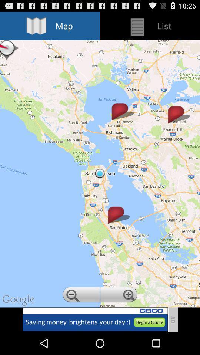 The image size is (200, 355). Describe the element at coordinates (95, 319) in the screenshot. I see `advertisement` at that location.